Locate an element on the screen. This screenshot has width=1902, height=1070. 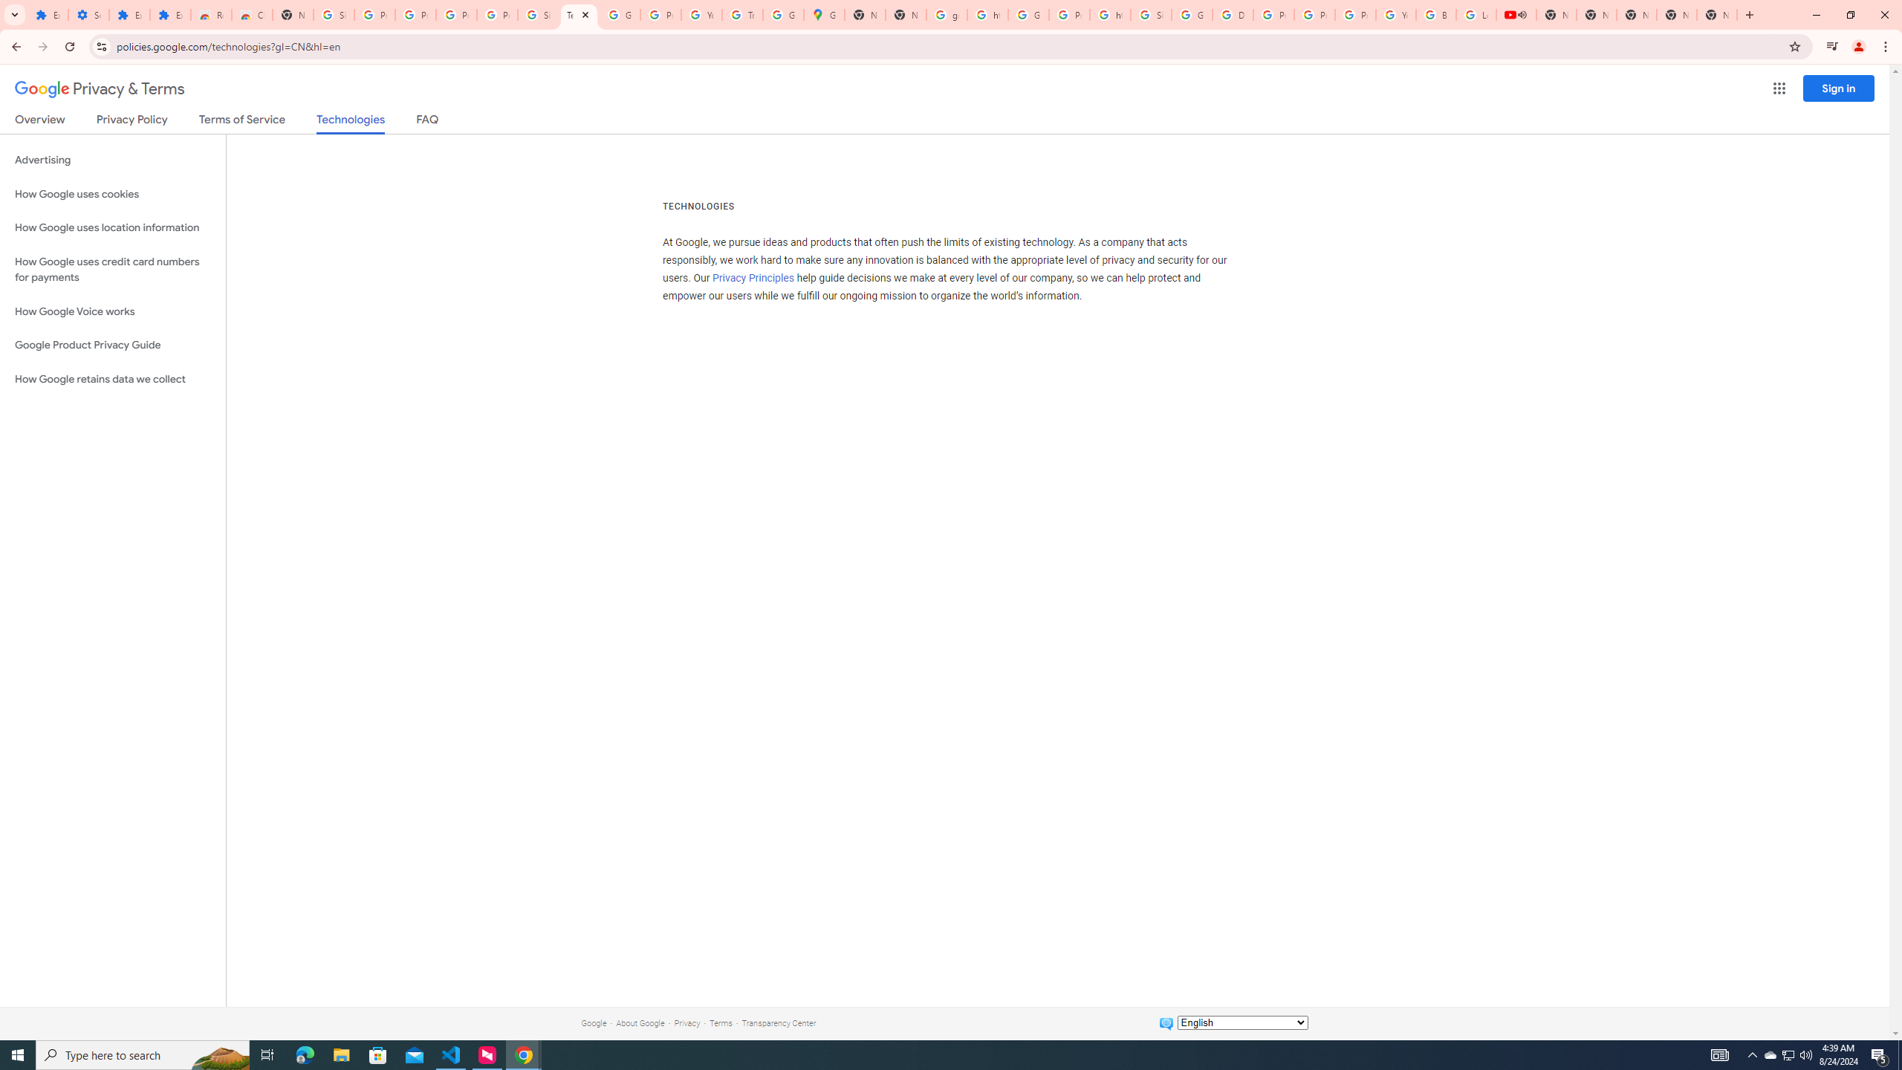
'https://scholar.google.com/' is located at coordinates (987, 14).